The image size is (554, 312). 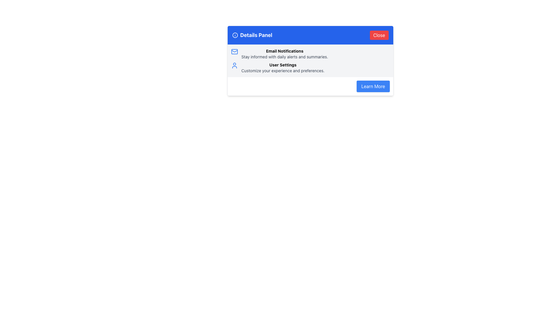 I want to click on the SVG email icon representing the 'Email Notifications' section, so click(x=234, y=51).